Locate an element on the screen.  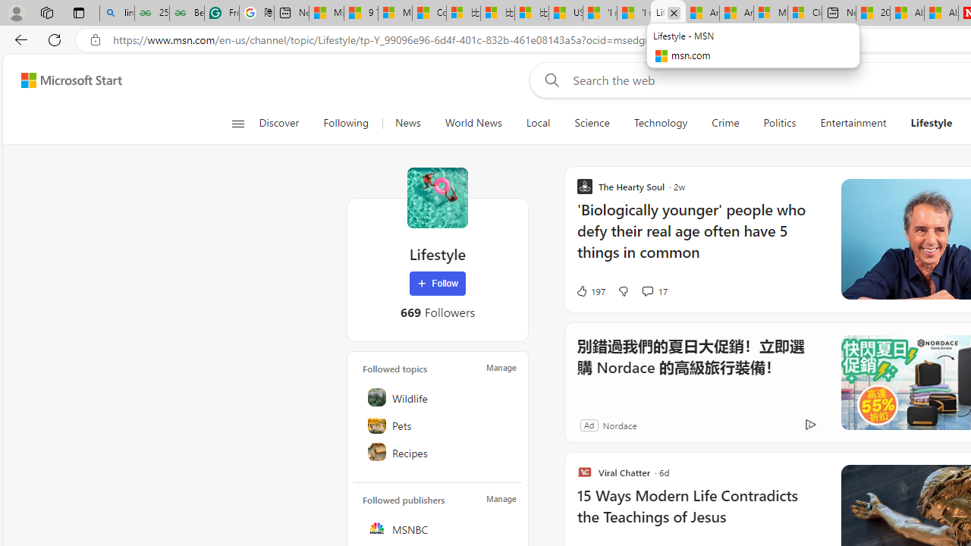
'Ad' is located at coordinates (588, 425).